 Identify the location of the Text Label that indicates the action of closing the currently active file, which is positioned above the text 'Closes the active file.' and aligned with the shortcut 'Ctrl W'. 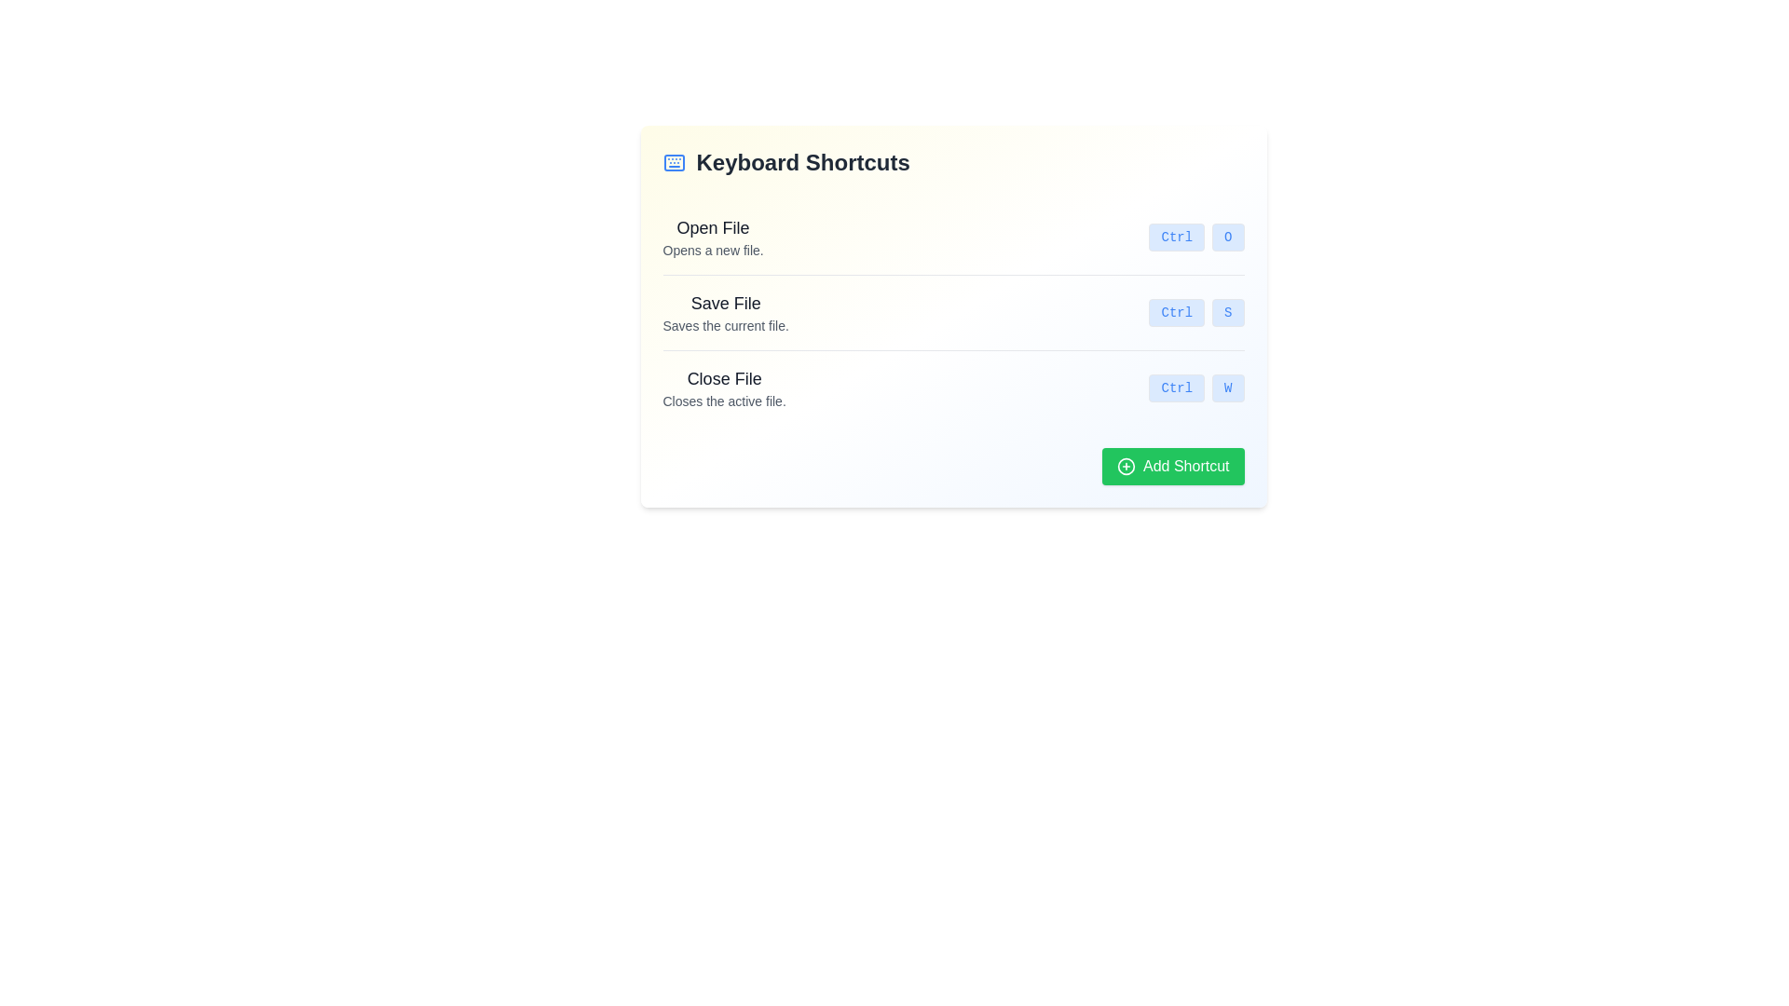
(723, 378).